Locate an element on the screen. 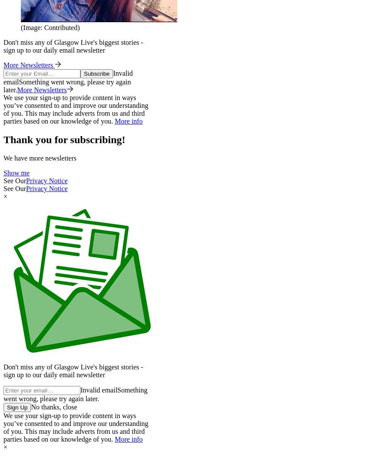  'Show me' is located at coordinates (17, 173).